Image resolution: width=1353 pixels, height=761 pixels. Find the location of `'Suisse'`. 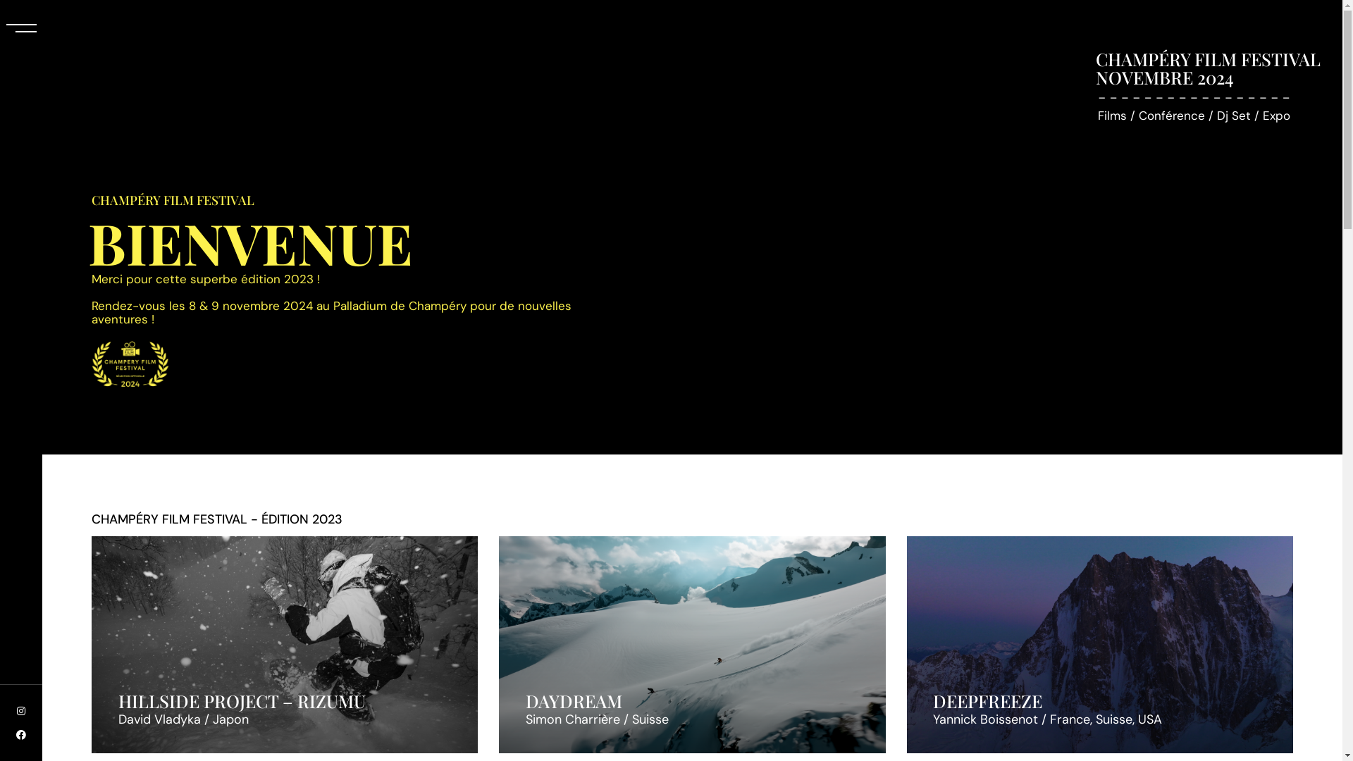

'Suisse' is located at coordinates (631, 720).